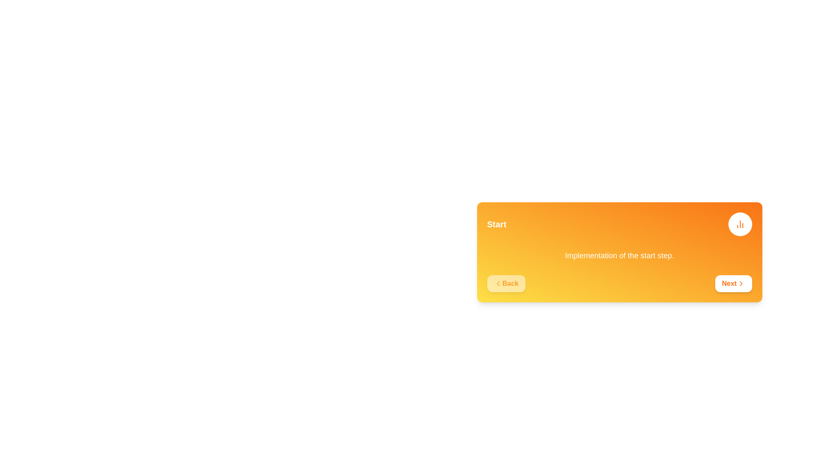 The image size is (815, 458). What do you see at coordinates (506, 283) in the screenshot?
I see `the 'Back' button with rounded edges and orange text` at bounding box center [506, 283].